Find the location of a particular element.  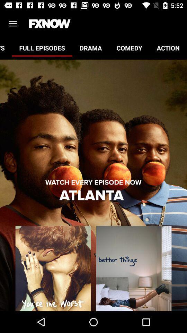

action is located at coordinates (168, 48).